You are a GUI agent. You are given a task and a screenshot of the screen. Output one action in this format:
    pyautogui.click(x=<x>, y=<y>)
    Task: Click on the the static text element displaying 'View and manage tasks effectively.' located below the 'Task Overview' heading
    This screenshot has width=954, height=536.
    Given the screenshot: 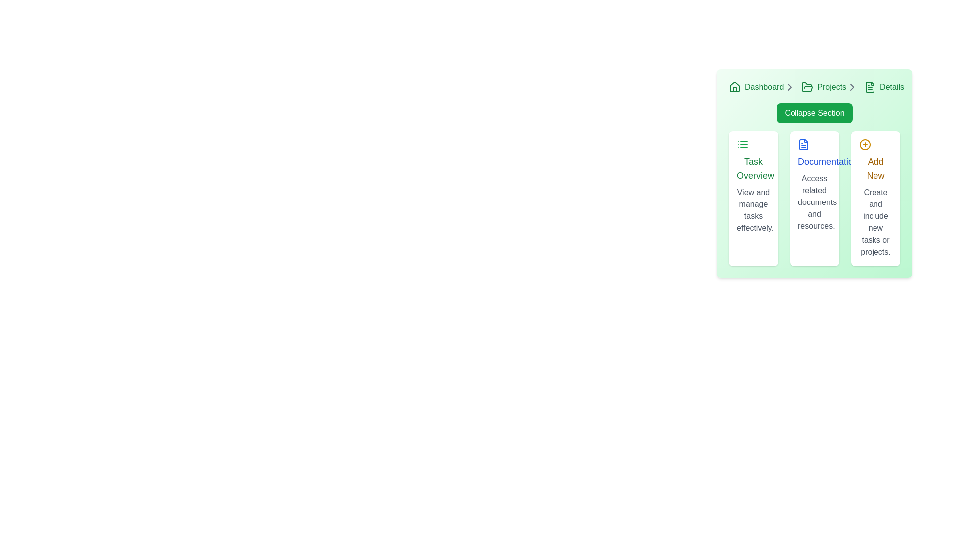 What is the action you would take?
    pyautogui.click(x=753, y=210)
    